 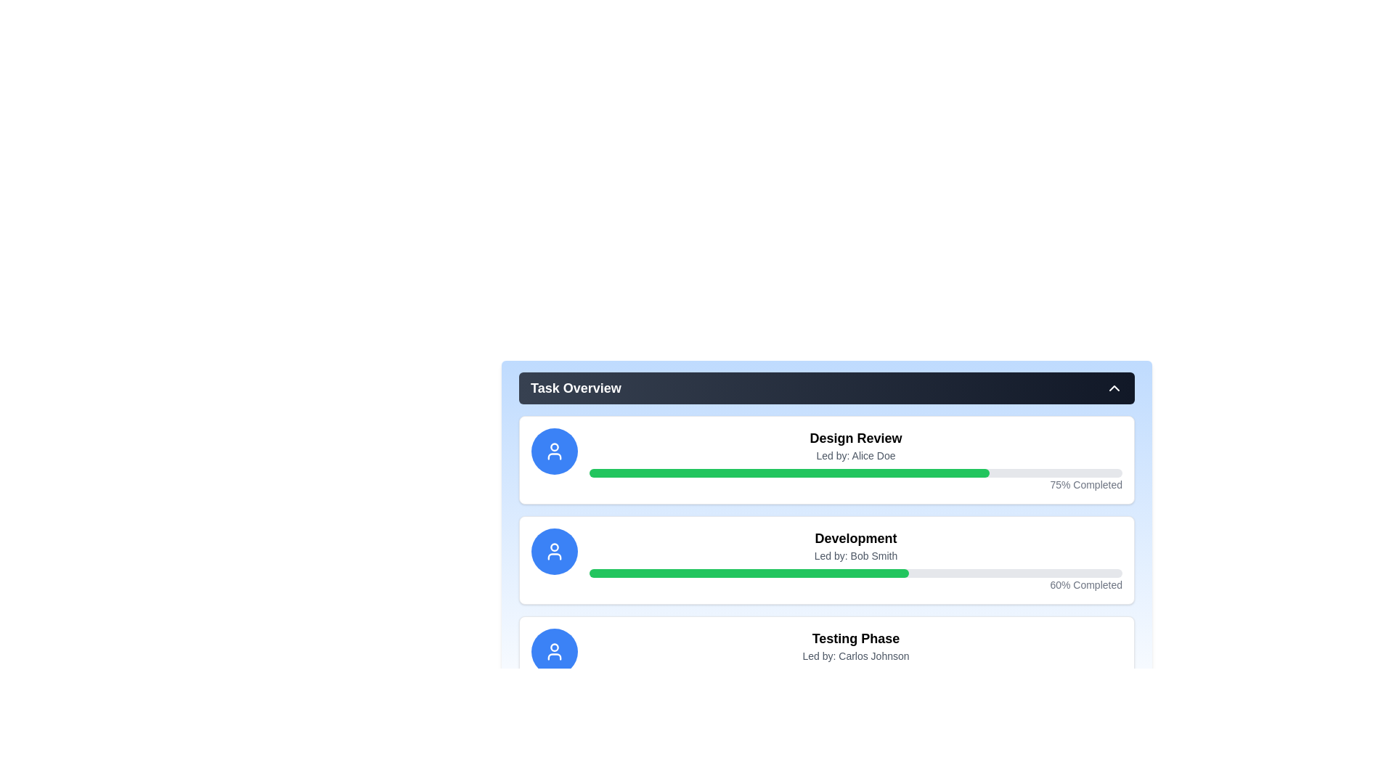 What do you see at coordinates (856, 573) in the screenshot?
I see `the horizontal progress bar in the 'Development' section, which is styled with a gray background and a green filled portion, located between the text 'Led by: Bob Smith' and '60% Completed'` at bounding box center [856, 573].